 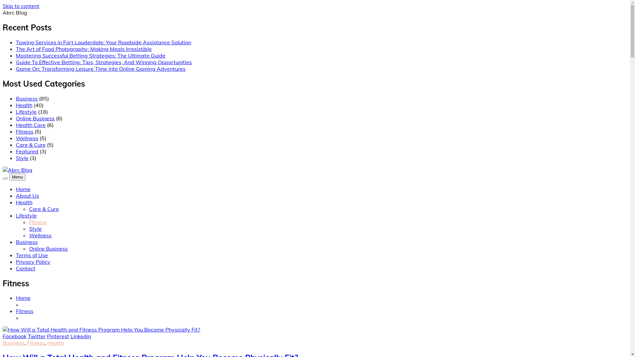 I want to click on 'Featured', so click(x=26, y=151).